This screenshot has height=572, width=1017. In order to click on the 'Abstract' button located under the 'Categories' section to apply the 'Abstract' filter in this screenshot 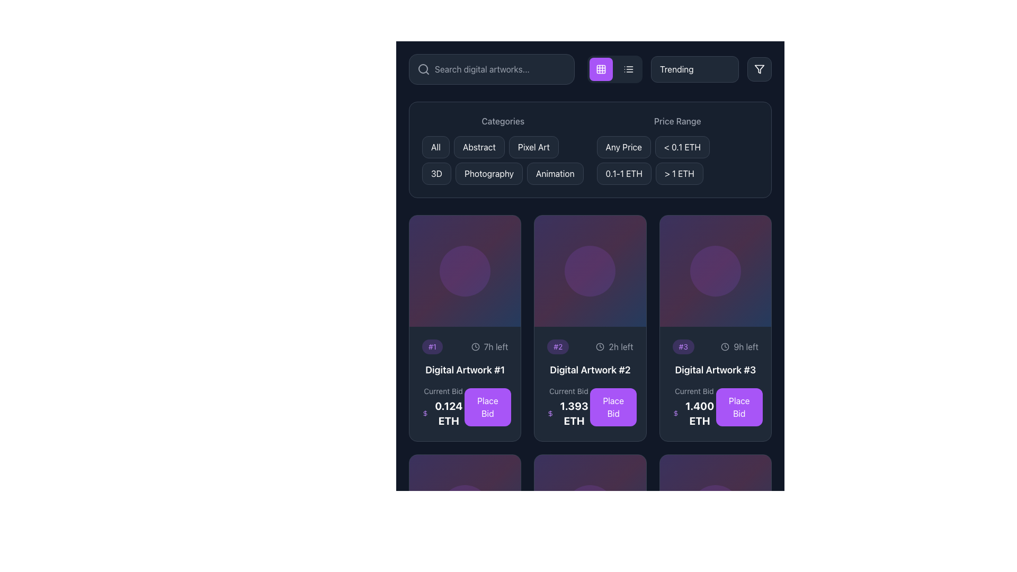, I will do `click(502, 149)`.